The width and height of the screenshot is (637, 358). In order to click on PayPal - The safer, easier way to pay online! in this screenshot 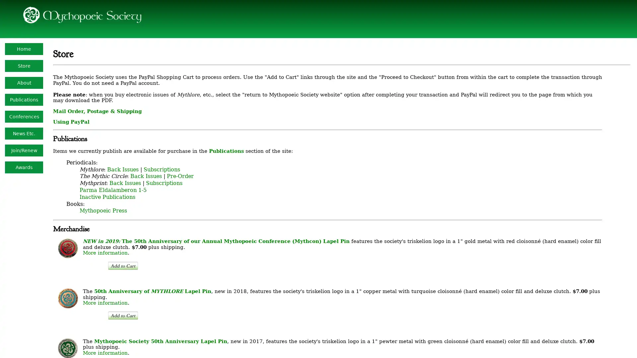, I will do `click(122, 265)`.